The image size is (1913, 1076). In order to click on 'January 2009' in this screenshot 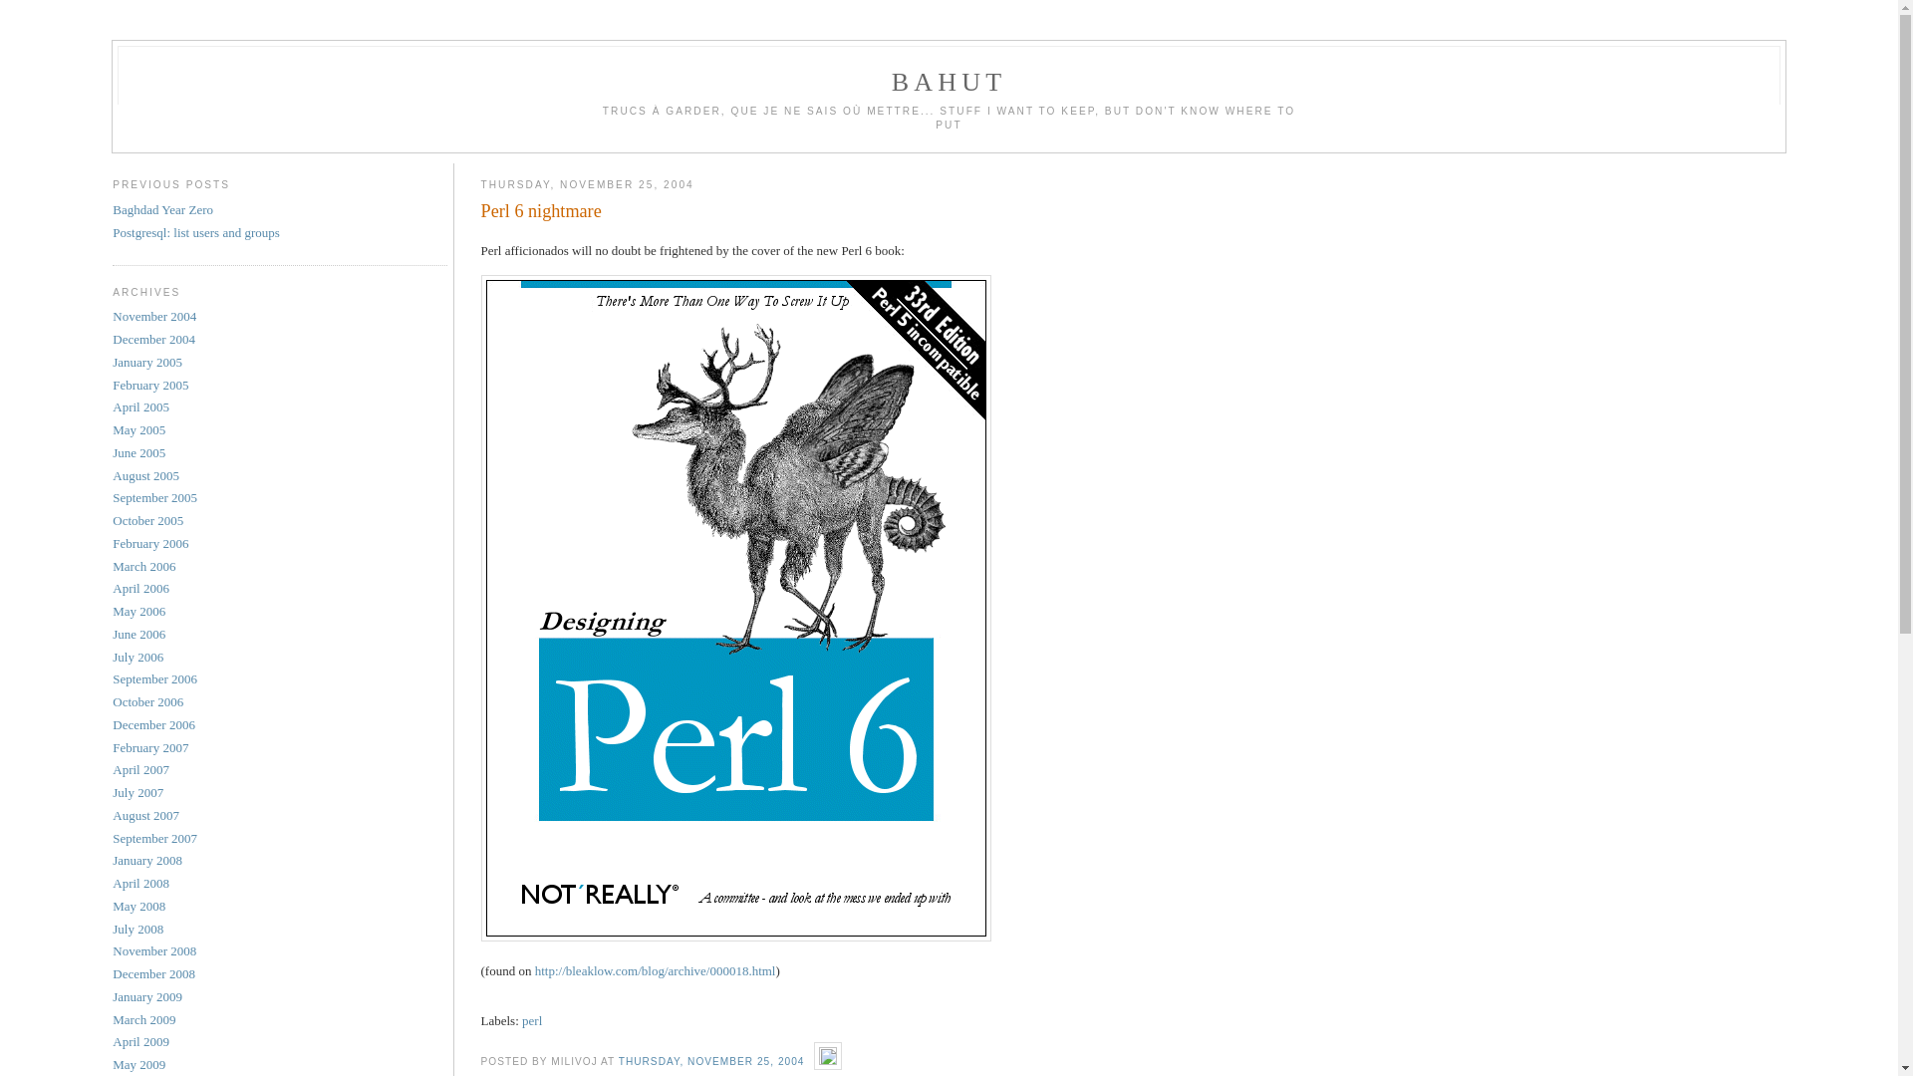, I will do `click(146, 996)`.